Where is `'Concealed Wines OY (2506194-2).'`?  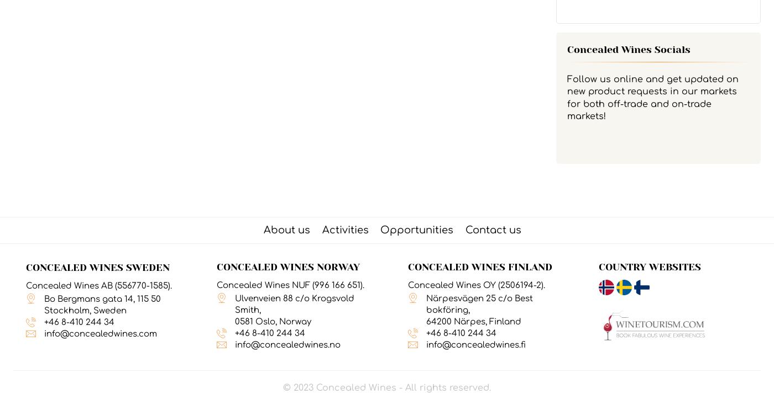 'Concealed Wines OY (2506194-2).' is located at coordinates (476, 284).